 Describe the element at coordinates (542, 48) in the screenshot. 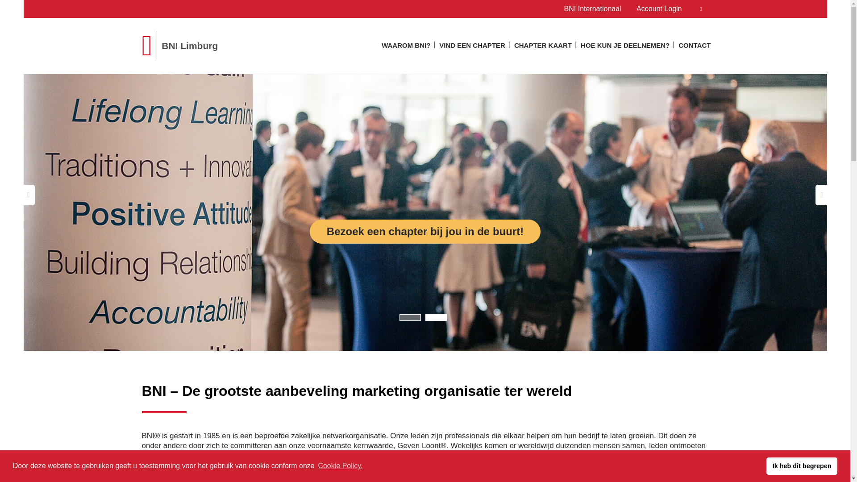

I see `'CHAPTER KAART'` at that location.